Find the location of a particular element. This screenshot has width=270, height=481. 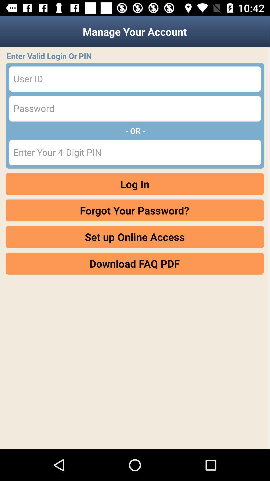

the forgot your password? item is located at coordinates (134, 210).